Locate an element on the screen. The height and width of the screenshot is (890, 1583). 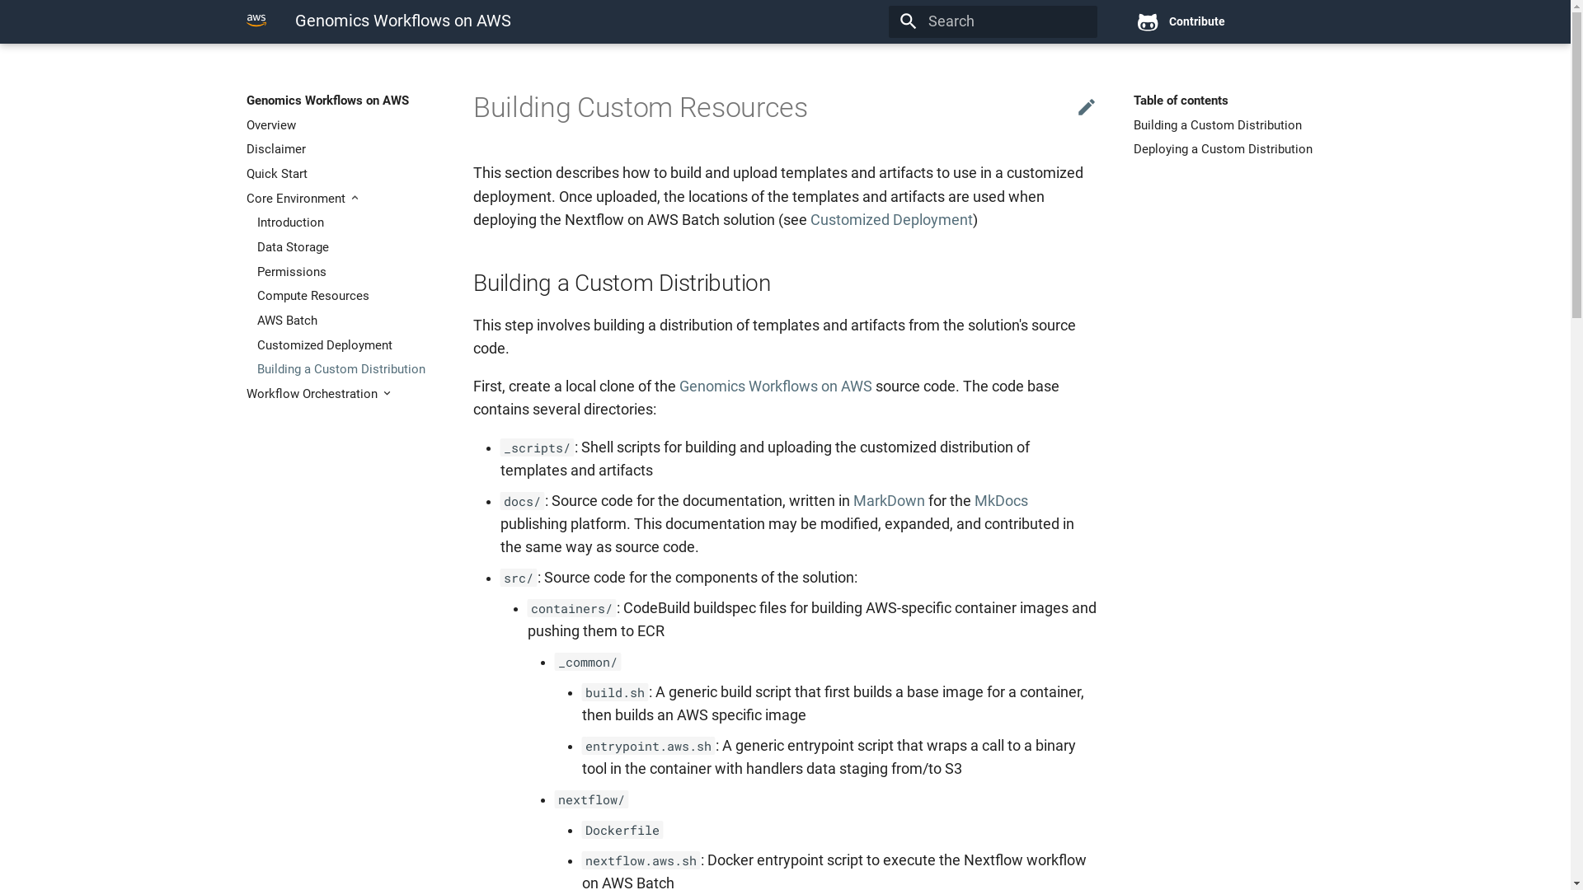
'Quick Start' is located at coordinates (341, 174).